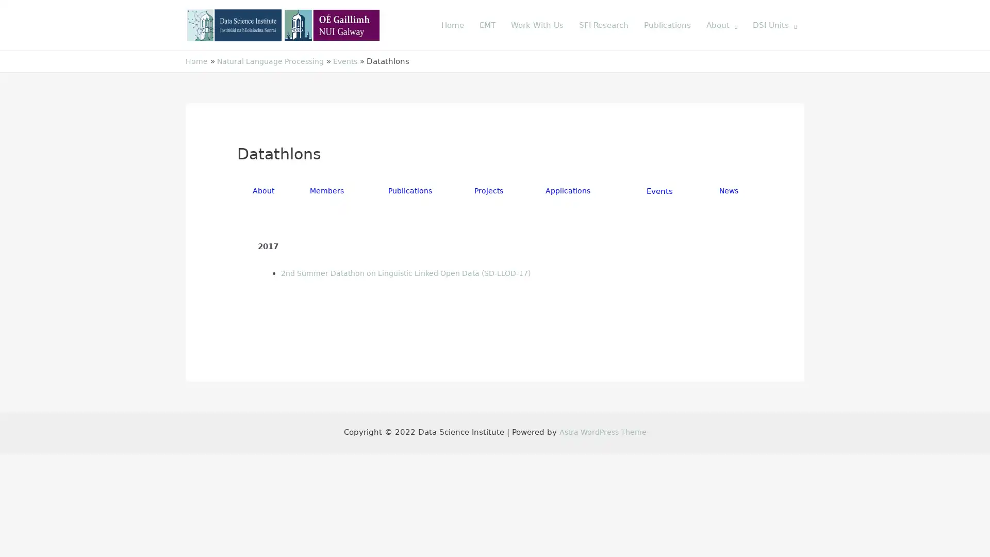  I want to click on Events, so click(661, 191).